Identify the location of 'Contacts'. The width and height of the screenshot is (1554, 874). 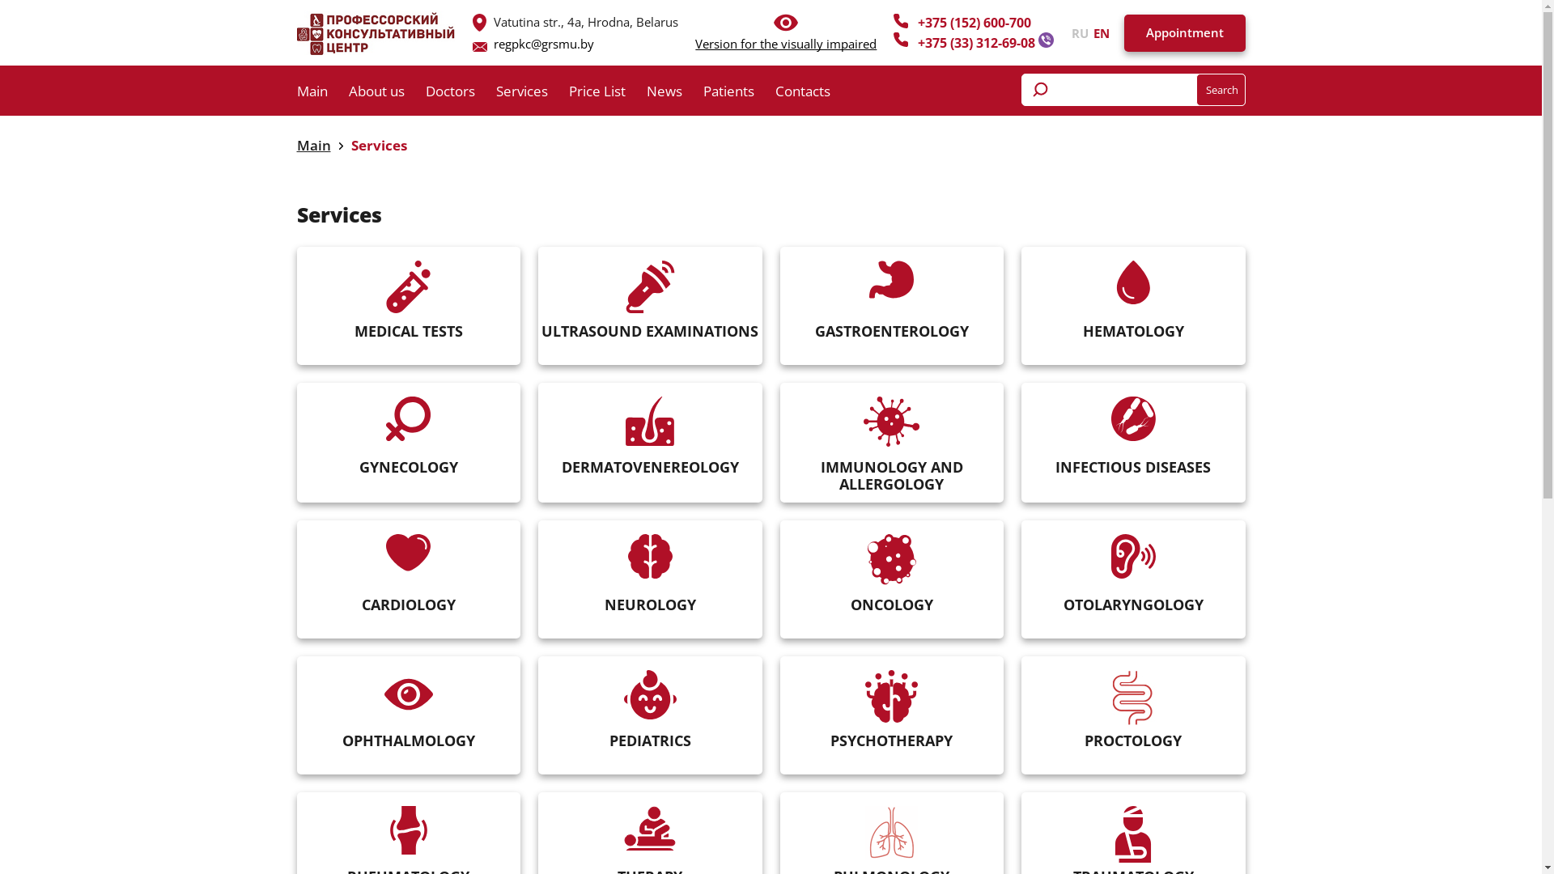
(775, 94).